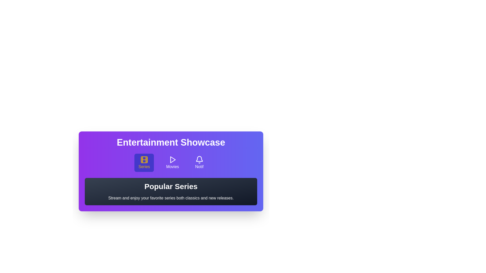 The image size is (486, 273). What do you see at coordinates (144, 160) in the screenshot?
I see `the 'Series' icon, which is the first graphical icon from the left in the row of icons` at bounding box center [144, 160].